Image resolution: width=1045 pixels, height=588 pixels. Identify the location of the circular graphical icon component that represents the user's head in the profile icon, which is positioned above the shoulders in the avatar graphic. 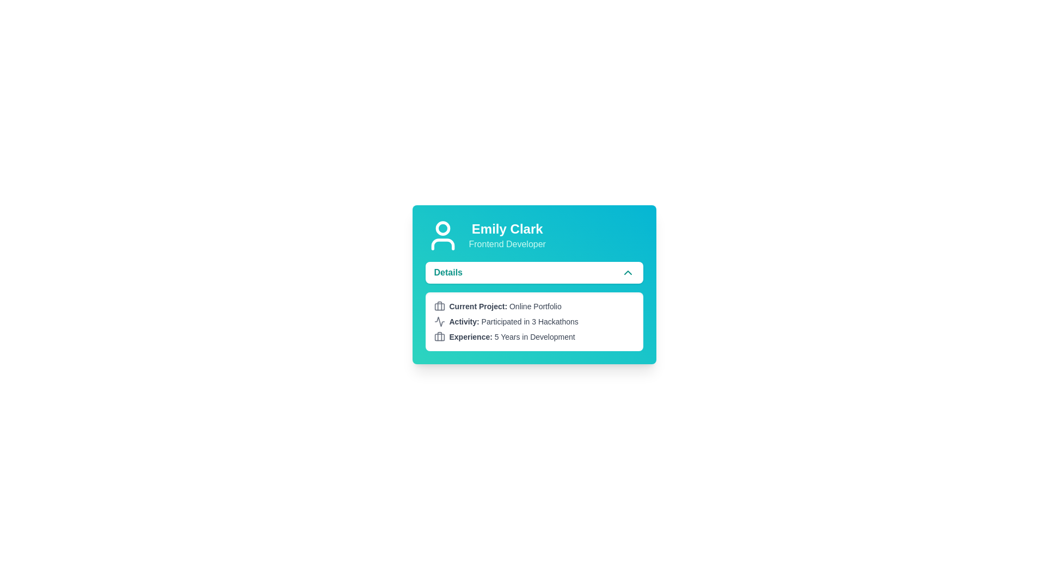
(442, 228).